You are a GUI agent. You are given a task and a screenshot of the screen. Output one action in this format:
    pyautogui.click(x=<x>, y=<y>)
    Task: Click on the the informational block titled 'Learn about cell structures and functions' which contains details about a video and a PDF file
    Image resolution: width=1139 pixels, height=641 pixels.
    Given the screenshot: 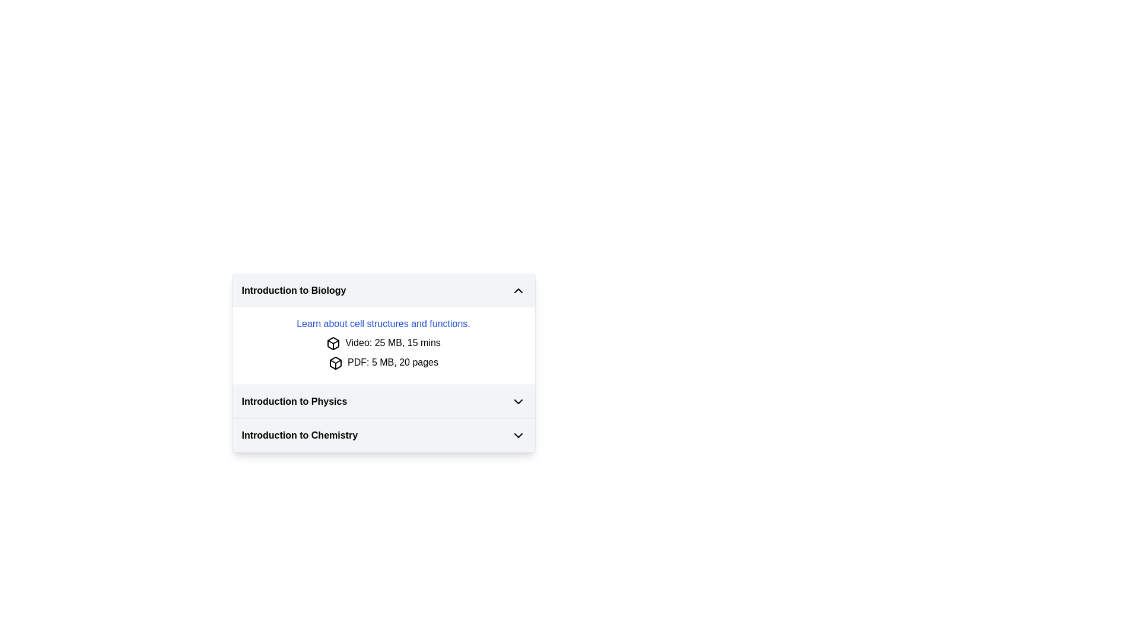 What is the action you would take?
    pyautogui.click(x=383, y=345)
    